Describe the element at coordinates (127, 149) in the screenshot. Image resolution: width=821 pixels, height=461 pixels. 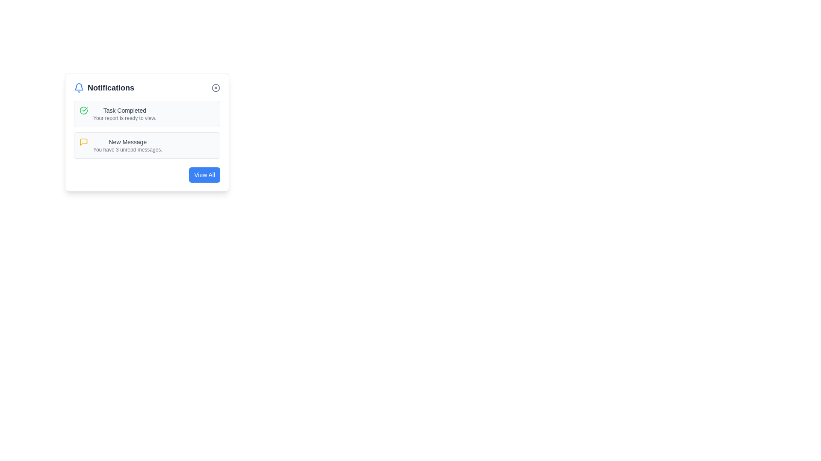
I see `the text label that provides context regarding the unread messages beneath the 'New Message' header in the notification card` at that location.